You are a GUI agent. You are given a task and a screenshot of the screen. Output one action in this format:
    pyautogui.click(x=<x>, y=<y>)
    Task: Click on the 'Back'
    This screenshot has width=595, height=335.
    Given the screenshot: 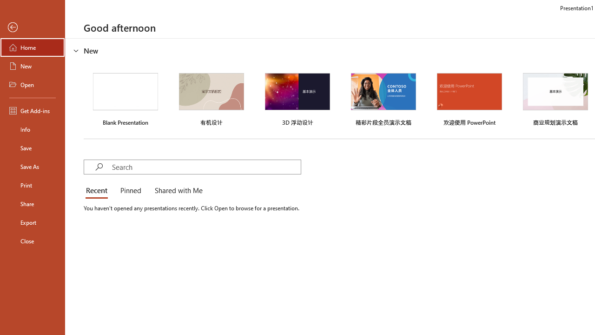 What is the action you would take?
    pyautogui.click(x=32, y=27)
    